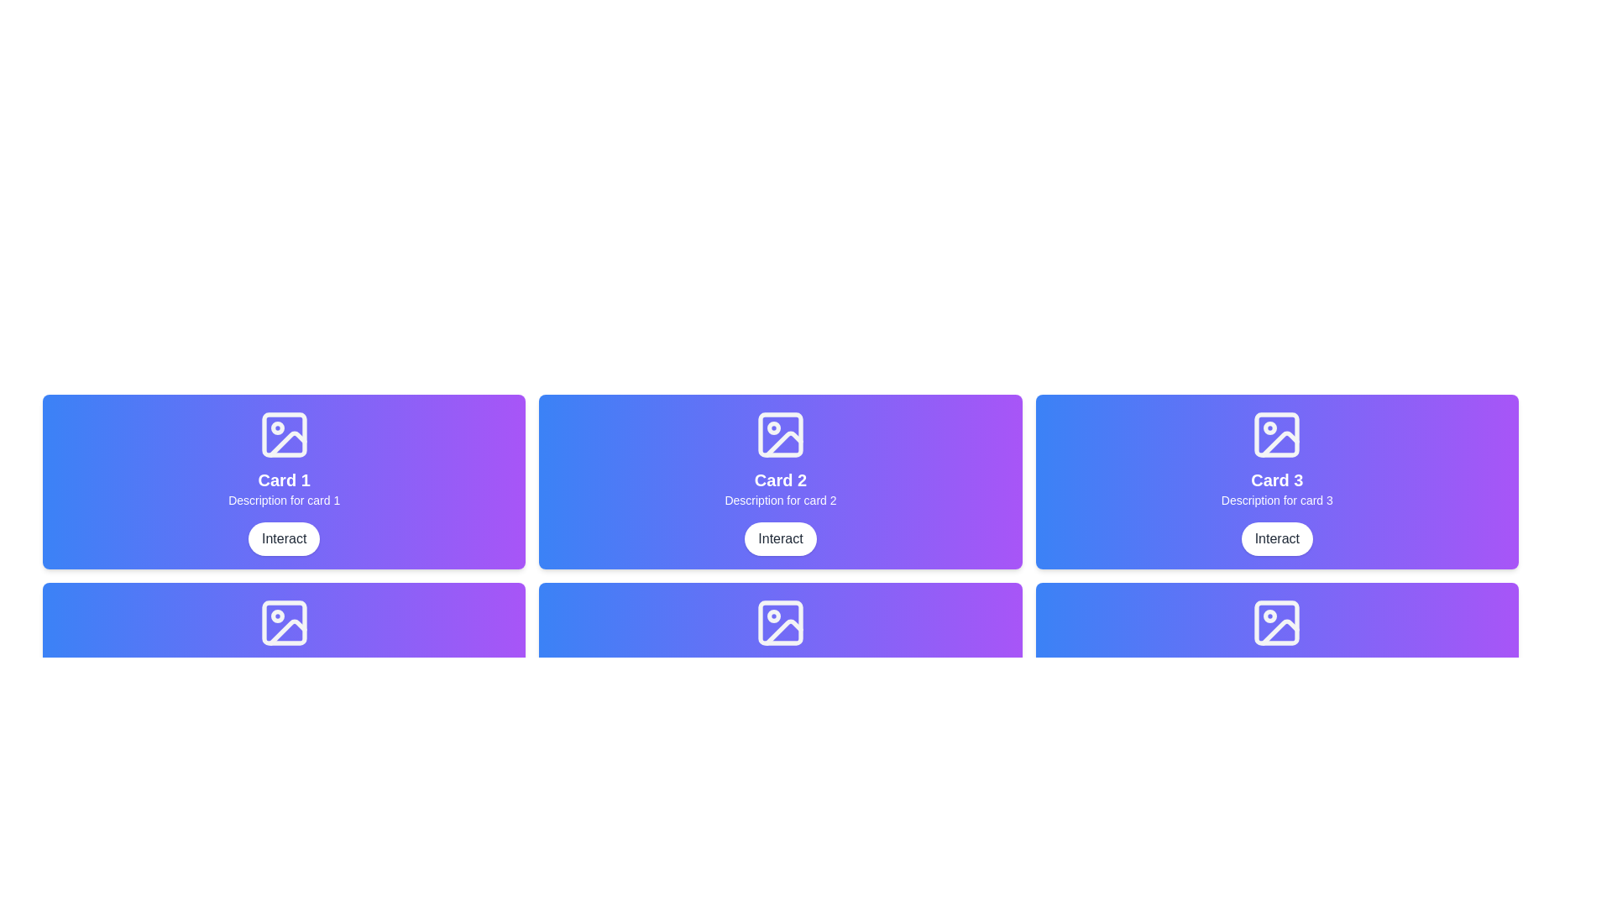 The width and height of the screenshot is (1612, 907). Describe the element at coordinates (284, 433) in the screenshot. I see `the outlined image icon in the first card of the top row of the grid layout, which is centrally aligned above the title 'Card 1'` at that location.